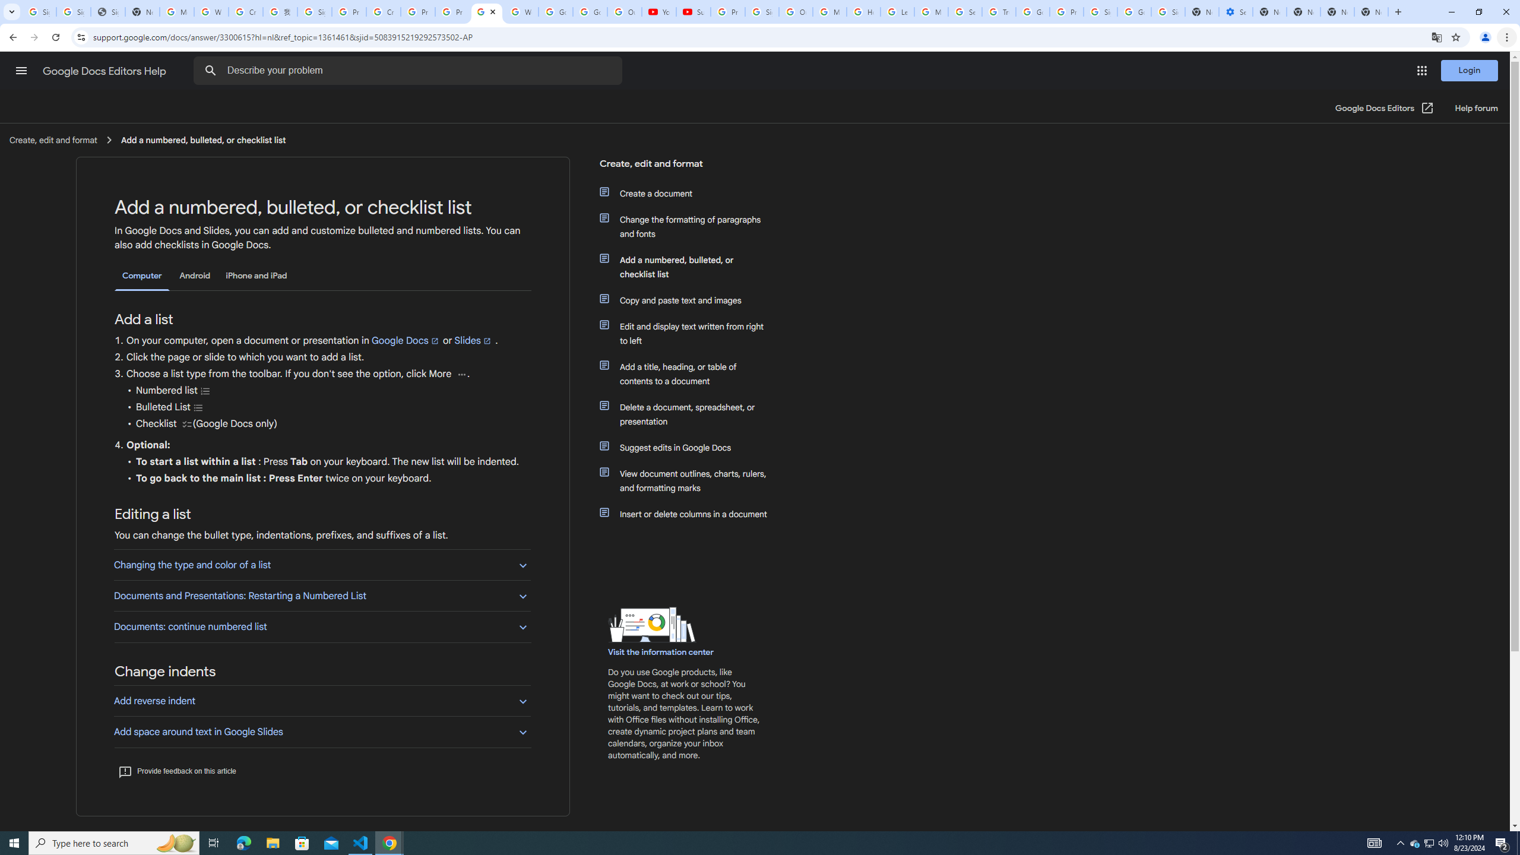 The height and width of the screenshot is (855, 1520). Describe the element at coordinates (194, 275) in the screenshot. I see `'Android'` at that location.